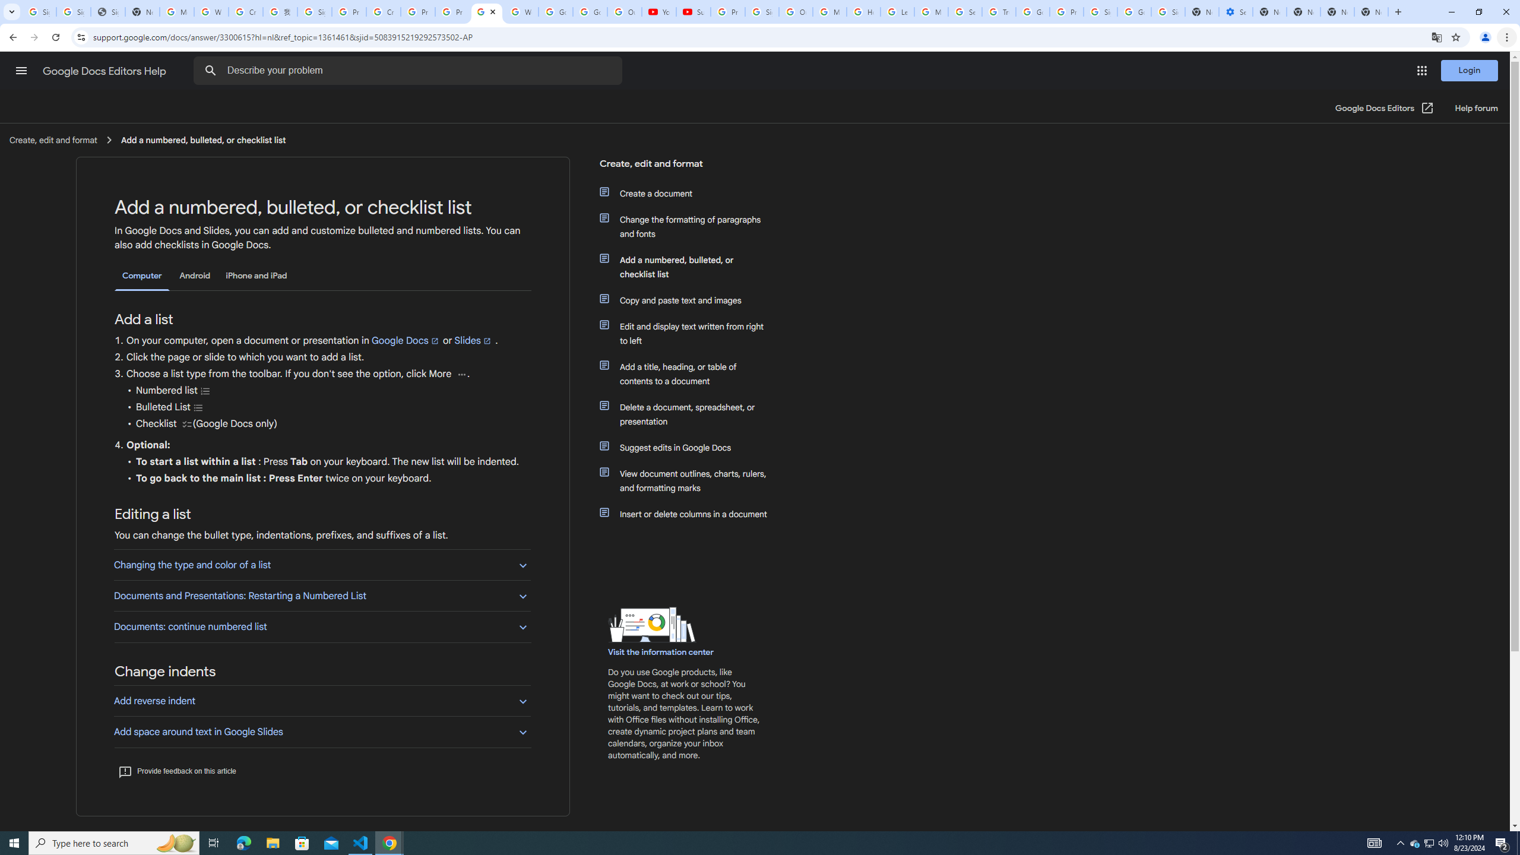 The height and width of the screenshot is (855, 1520). Describe the element at coordinates (194, 275) in the screenshot. I see `'Android'` at that location.